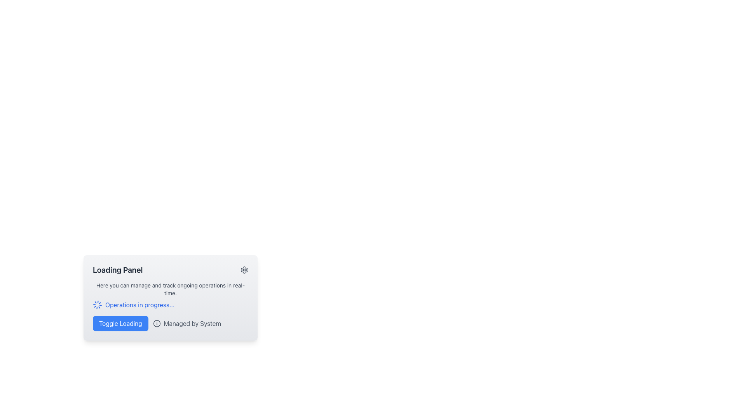 The height and width of the screenshot is (419, 746). What do you see at coordinates (120, 323) in the screenshot?
I see `the toggle button in the 'Loading Panel'` at bounding box center [120, 323].